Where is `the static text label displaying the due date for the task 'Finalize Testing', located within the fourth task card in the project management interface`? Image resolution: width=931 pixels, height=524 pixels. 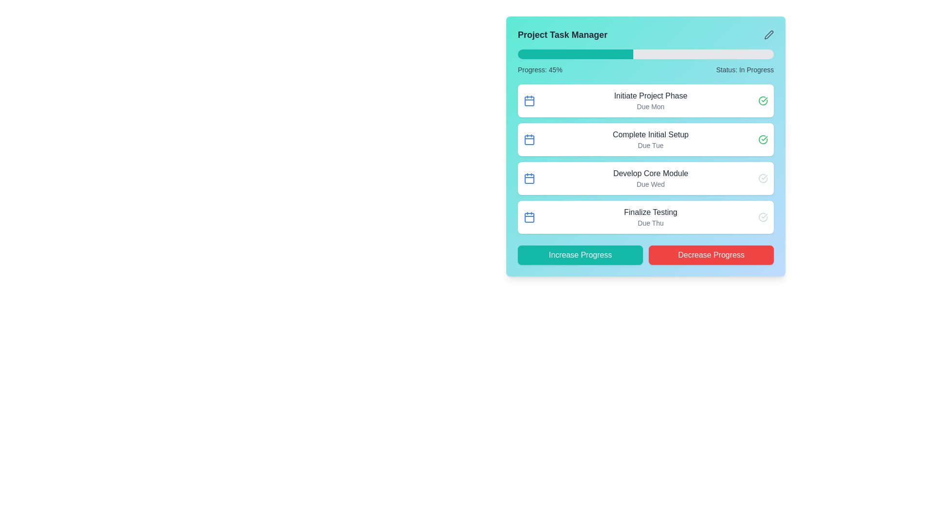
the static text label displaying the due date for the task 'Finalize Testing', located within the fourth task card in the project management interface is located at coordinates (651, 223).